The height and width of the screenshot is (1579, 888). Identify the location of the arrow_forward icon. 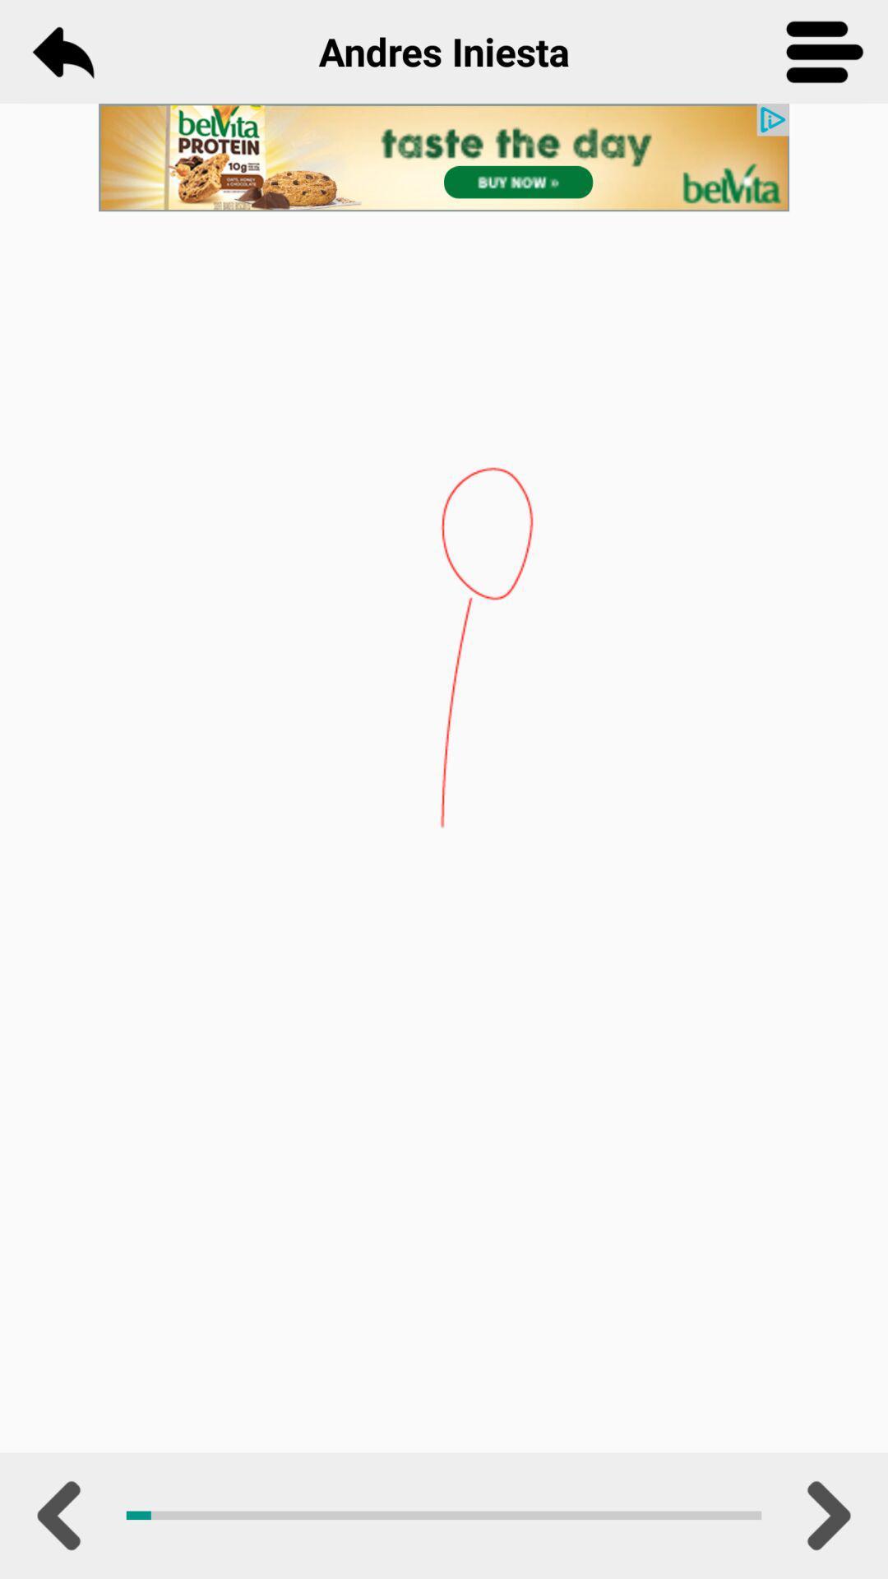
(825, 1515).